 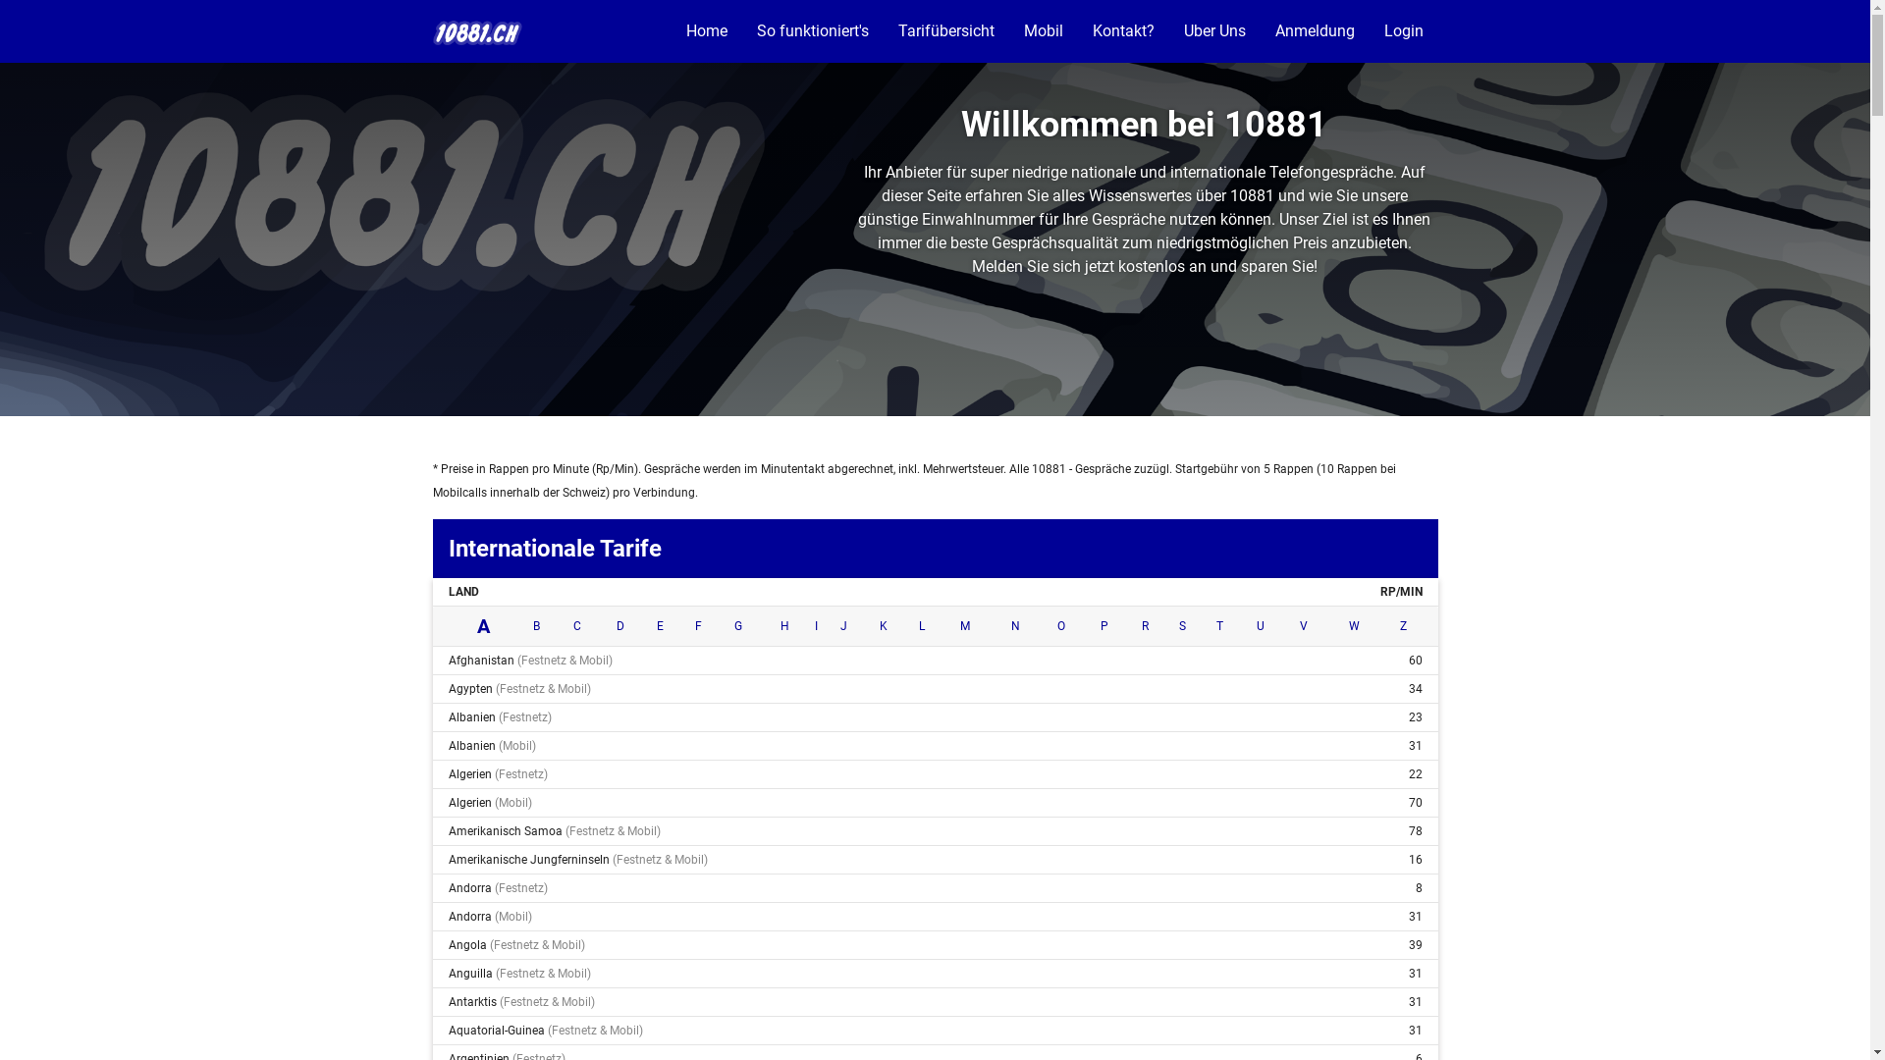 What do you see at coordinates (1257, 625) in the screenshot?
I see `'U'` at bounding box center [1257, 625].